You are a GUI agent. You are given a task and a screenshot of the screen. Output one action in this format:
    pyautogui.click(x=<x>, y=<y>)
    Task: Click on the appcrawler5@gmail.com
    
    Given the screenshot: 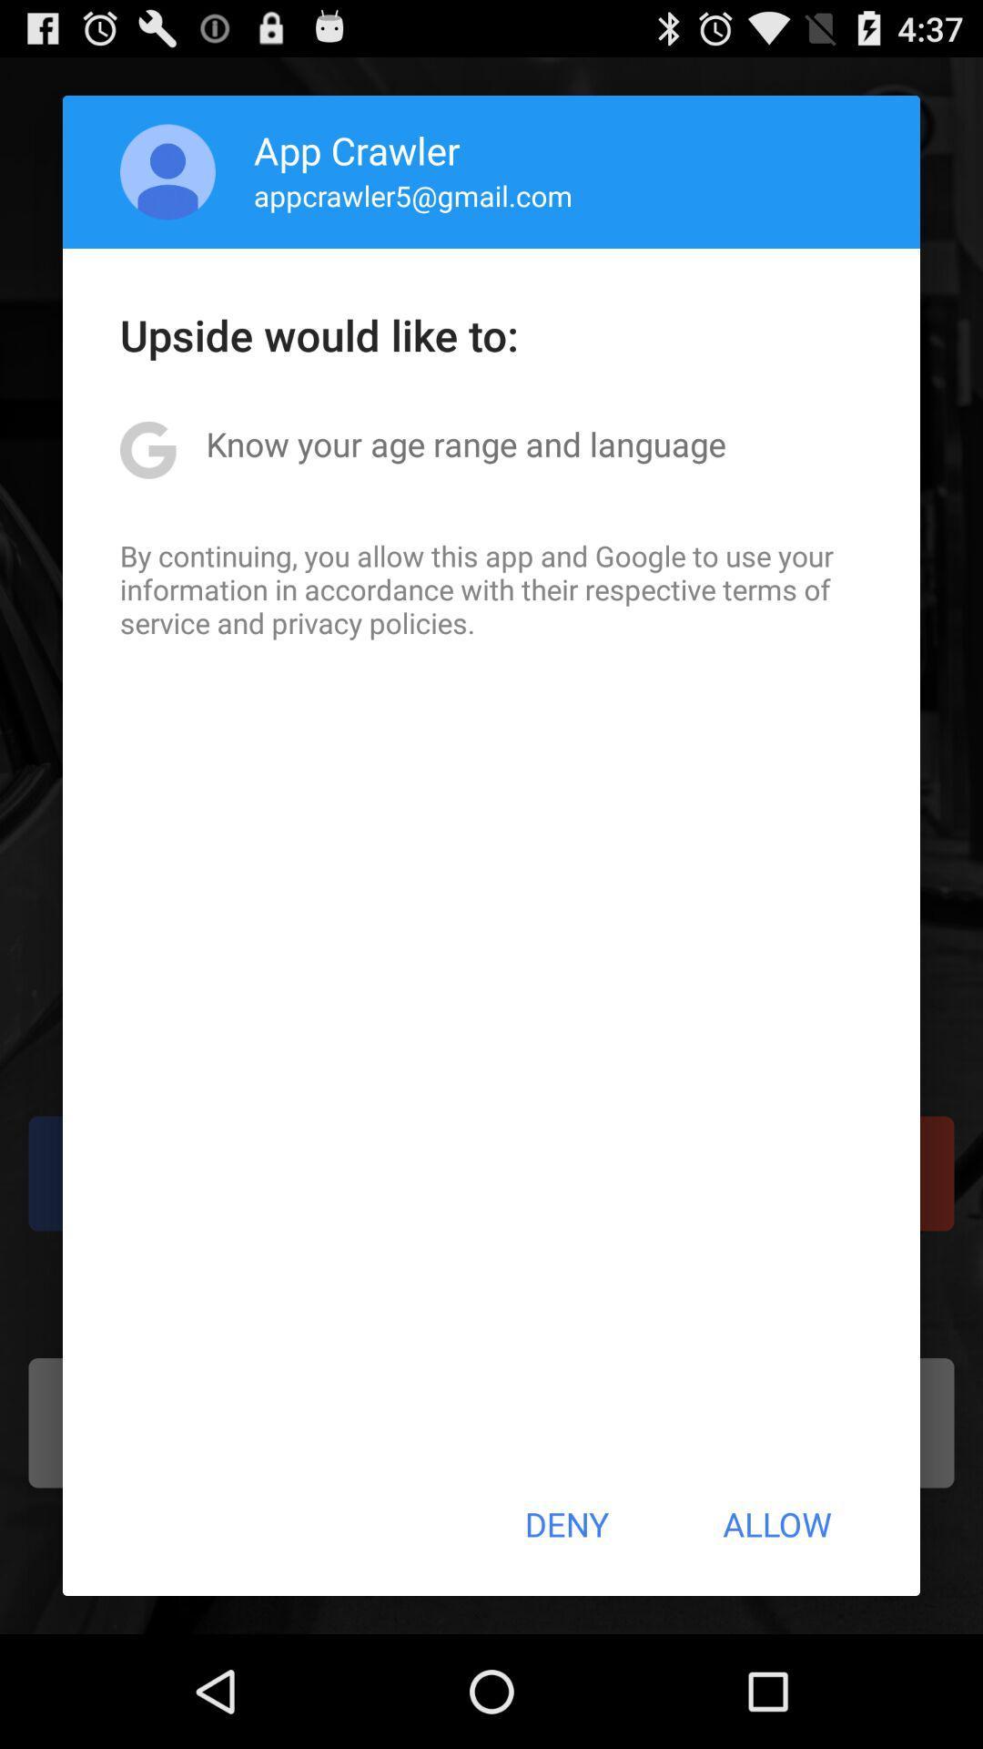 What is the action you would take?
    pyautogui.click(x=413, y=195)
    